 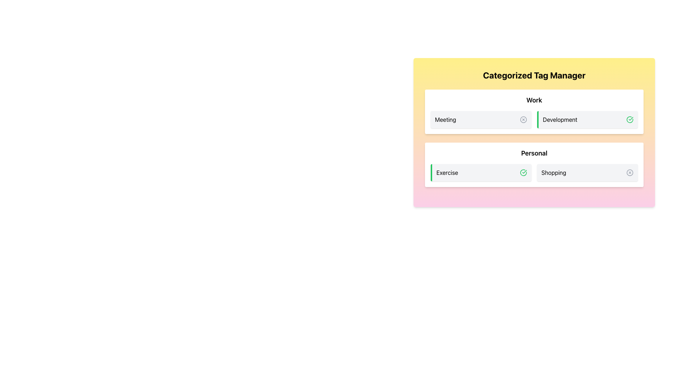 I want to click on the 'Exercise' text label, which is a bold, dark-colored title, so click(x=447, y=173).